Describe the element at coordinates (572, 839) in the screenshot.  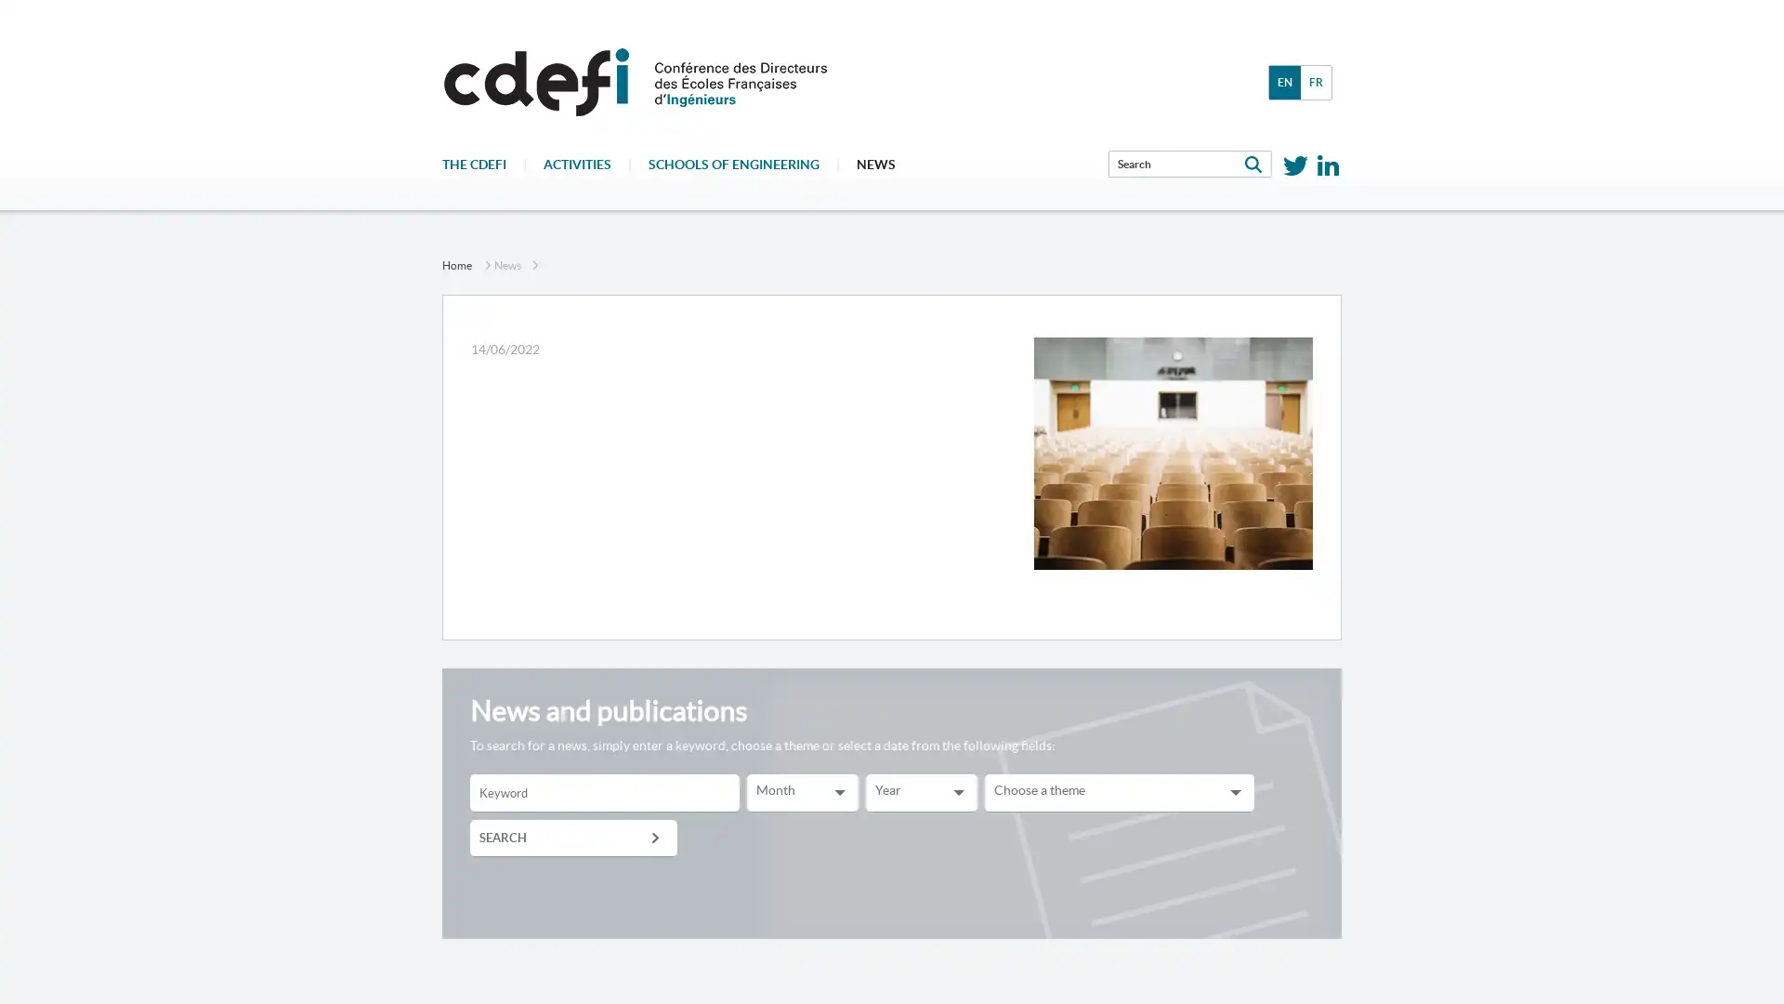
I see `Search` at that location.